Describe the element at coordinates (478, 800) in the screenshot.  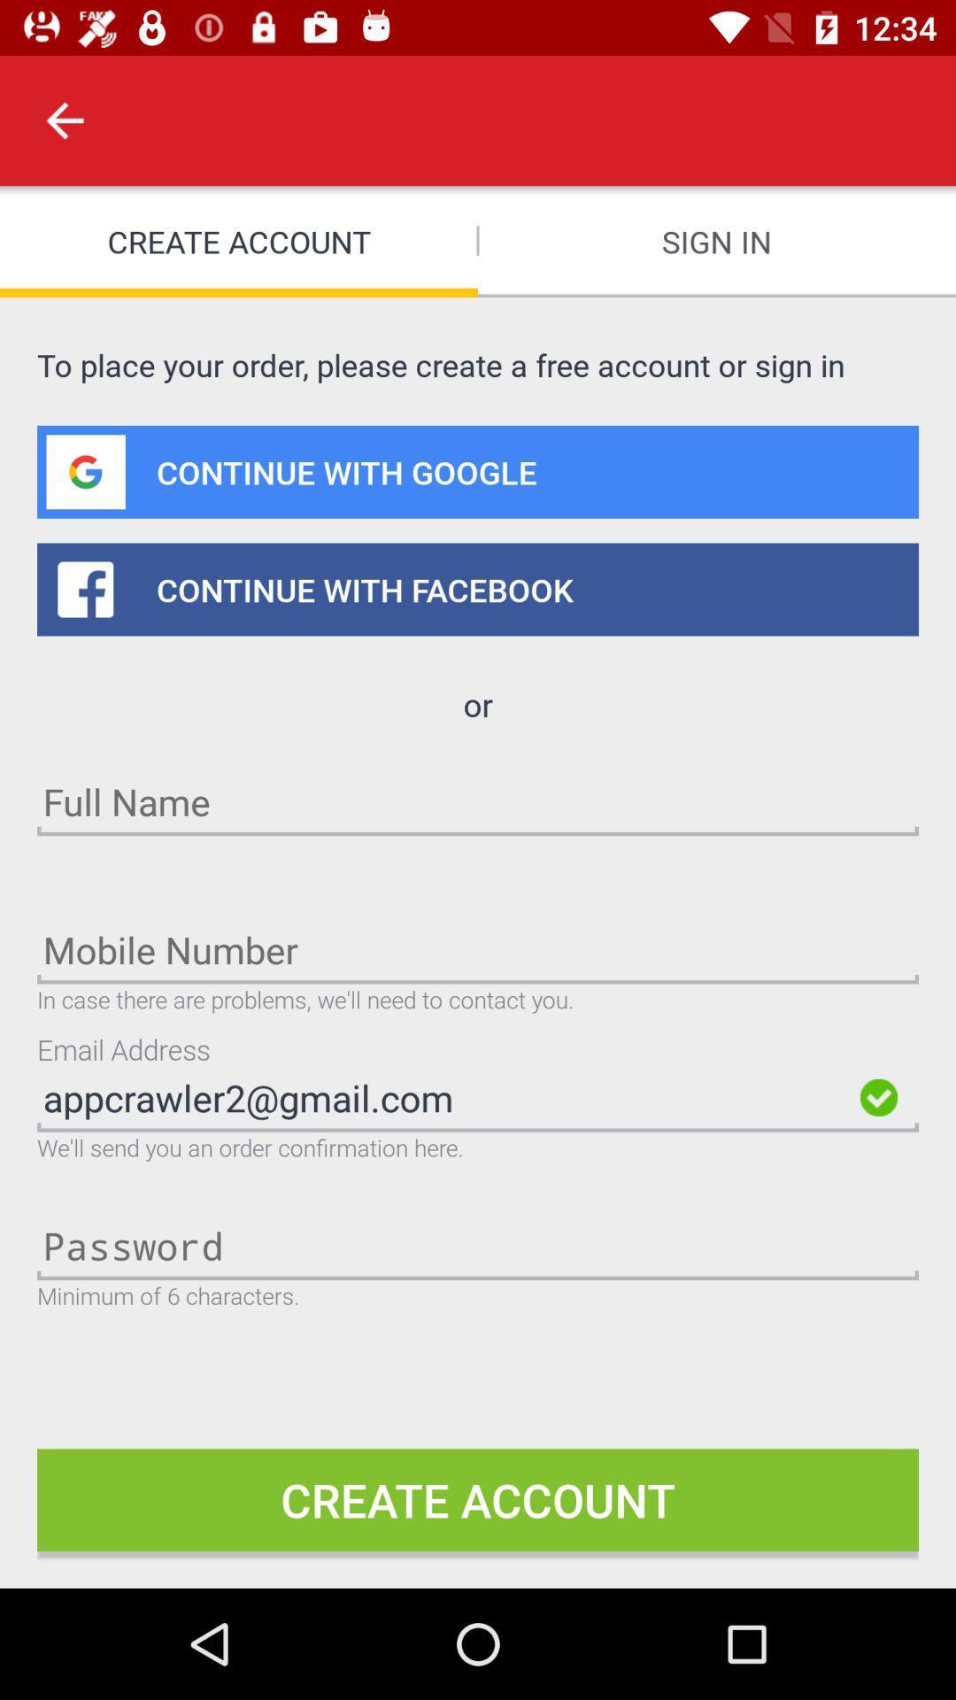
I see `type full name` at that location.